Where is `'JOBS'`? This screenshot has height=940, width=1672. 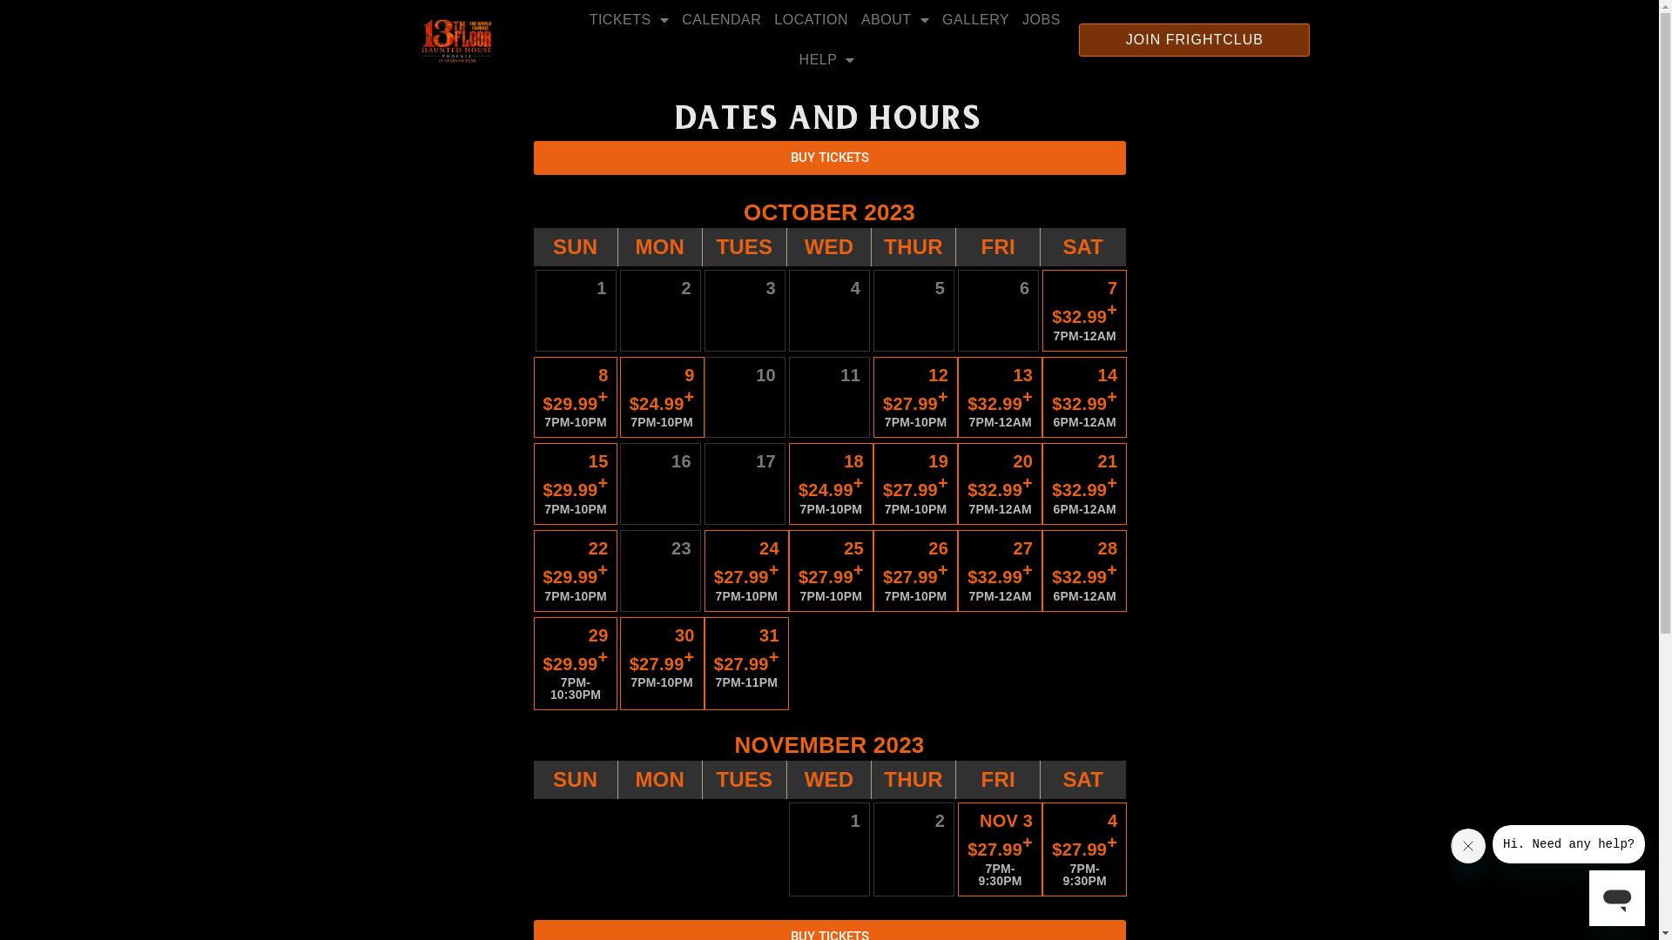 'JOBS' is located at coordinates (1041, 20).